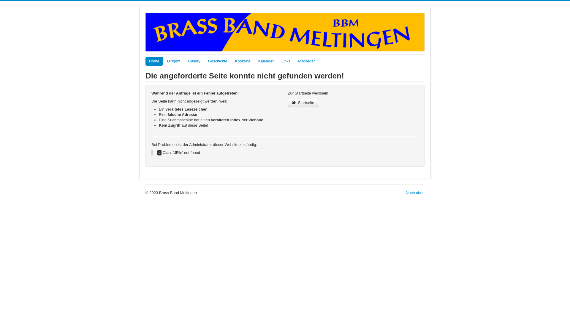  I want to click on 'Links', so click(286, 61).